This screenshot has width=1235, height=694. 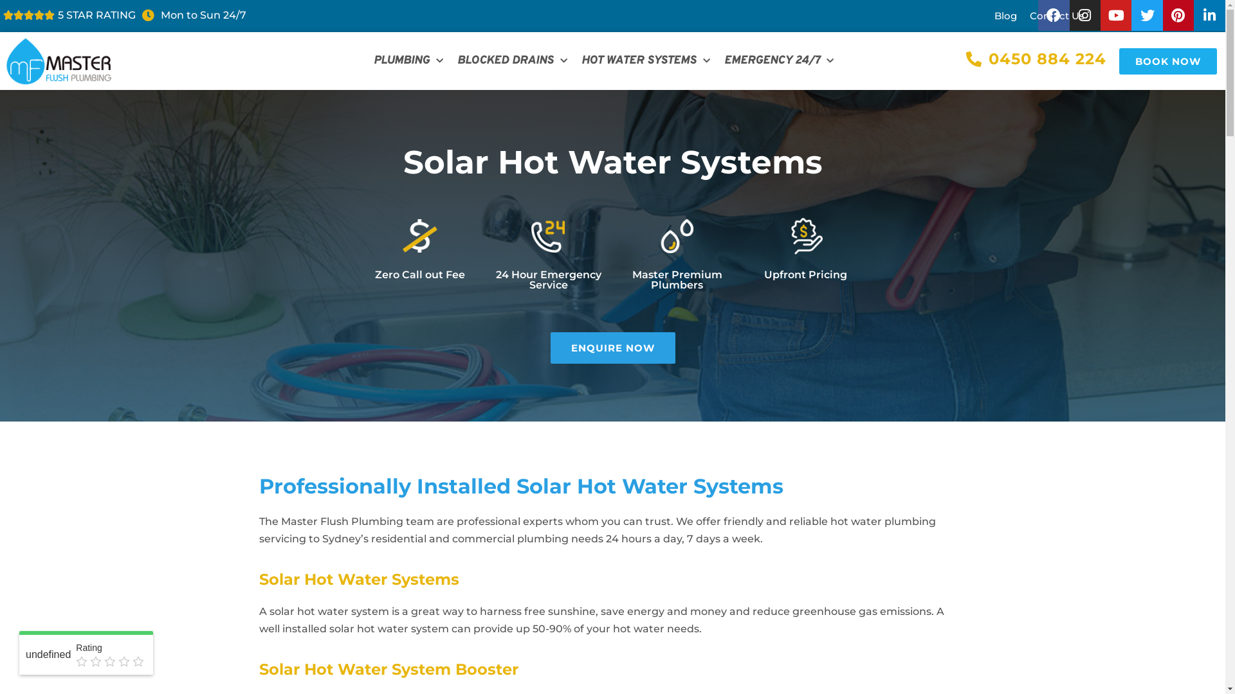 I want to click on 't-upfront', so click(x=805, y=236).